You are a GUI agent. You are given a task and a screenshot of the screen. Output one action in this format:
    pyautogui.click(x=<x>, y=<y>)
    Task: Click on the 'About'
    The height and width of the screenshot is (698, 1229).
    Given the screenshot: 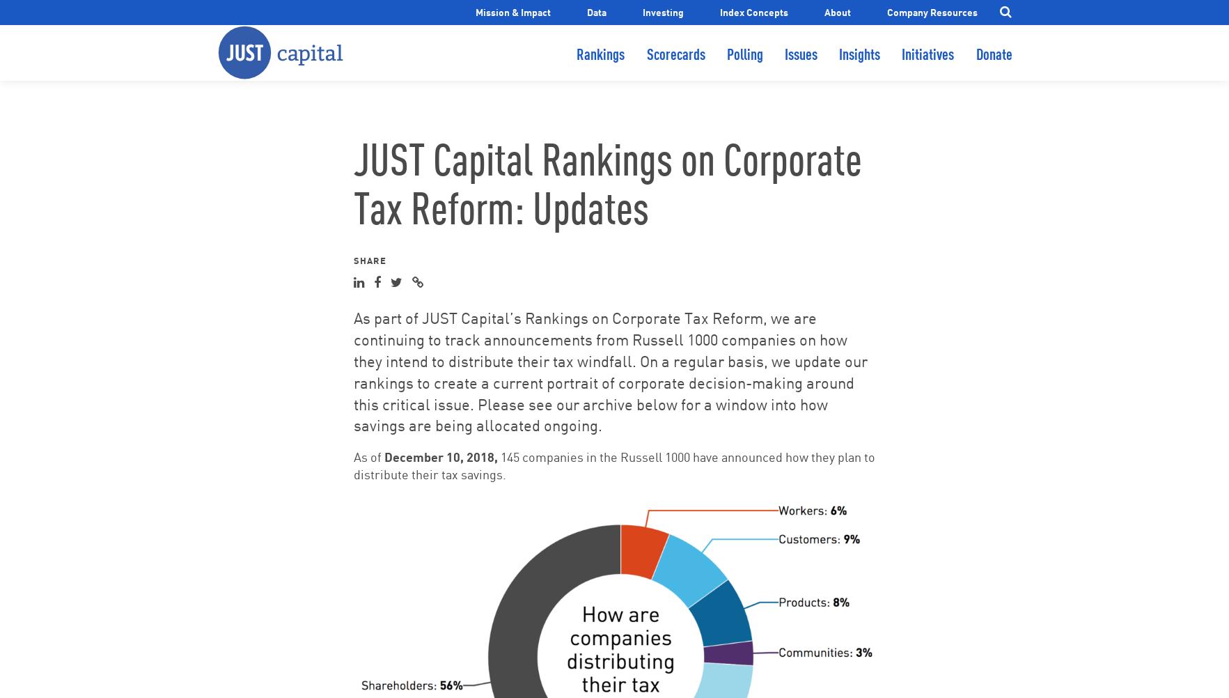 What is the action you would take?
    pyautogui.click(x=836, y=11)
    